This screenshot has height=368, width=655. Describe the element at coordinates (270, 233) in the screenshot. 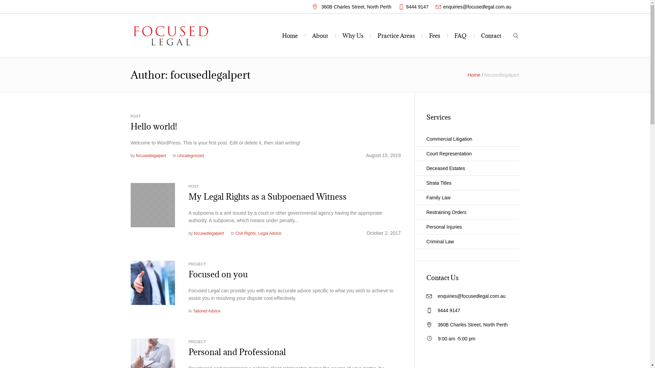

I see `'Legal Advice'` at that location.